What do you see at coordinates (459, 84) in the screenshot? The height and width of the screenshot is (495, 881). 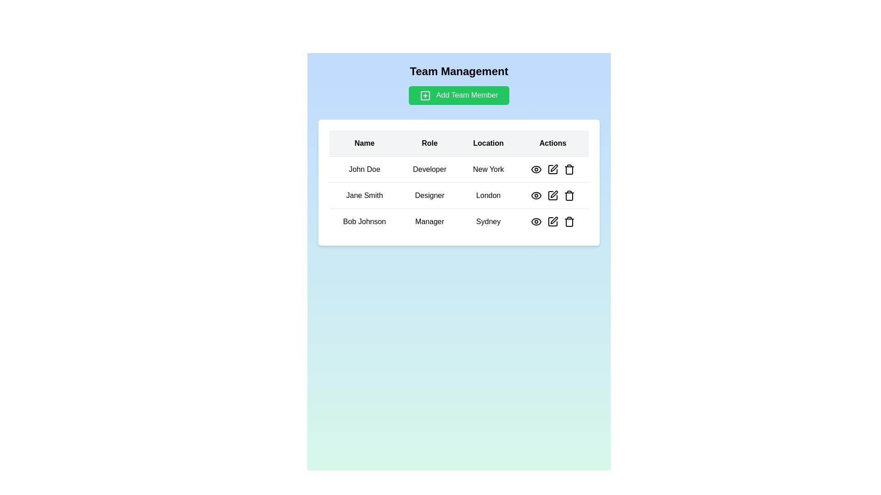 I see `the green rectangular button labeled 'Add Team Member' located directly below the 'Team Management' title` at bounding box center [459, 84].